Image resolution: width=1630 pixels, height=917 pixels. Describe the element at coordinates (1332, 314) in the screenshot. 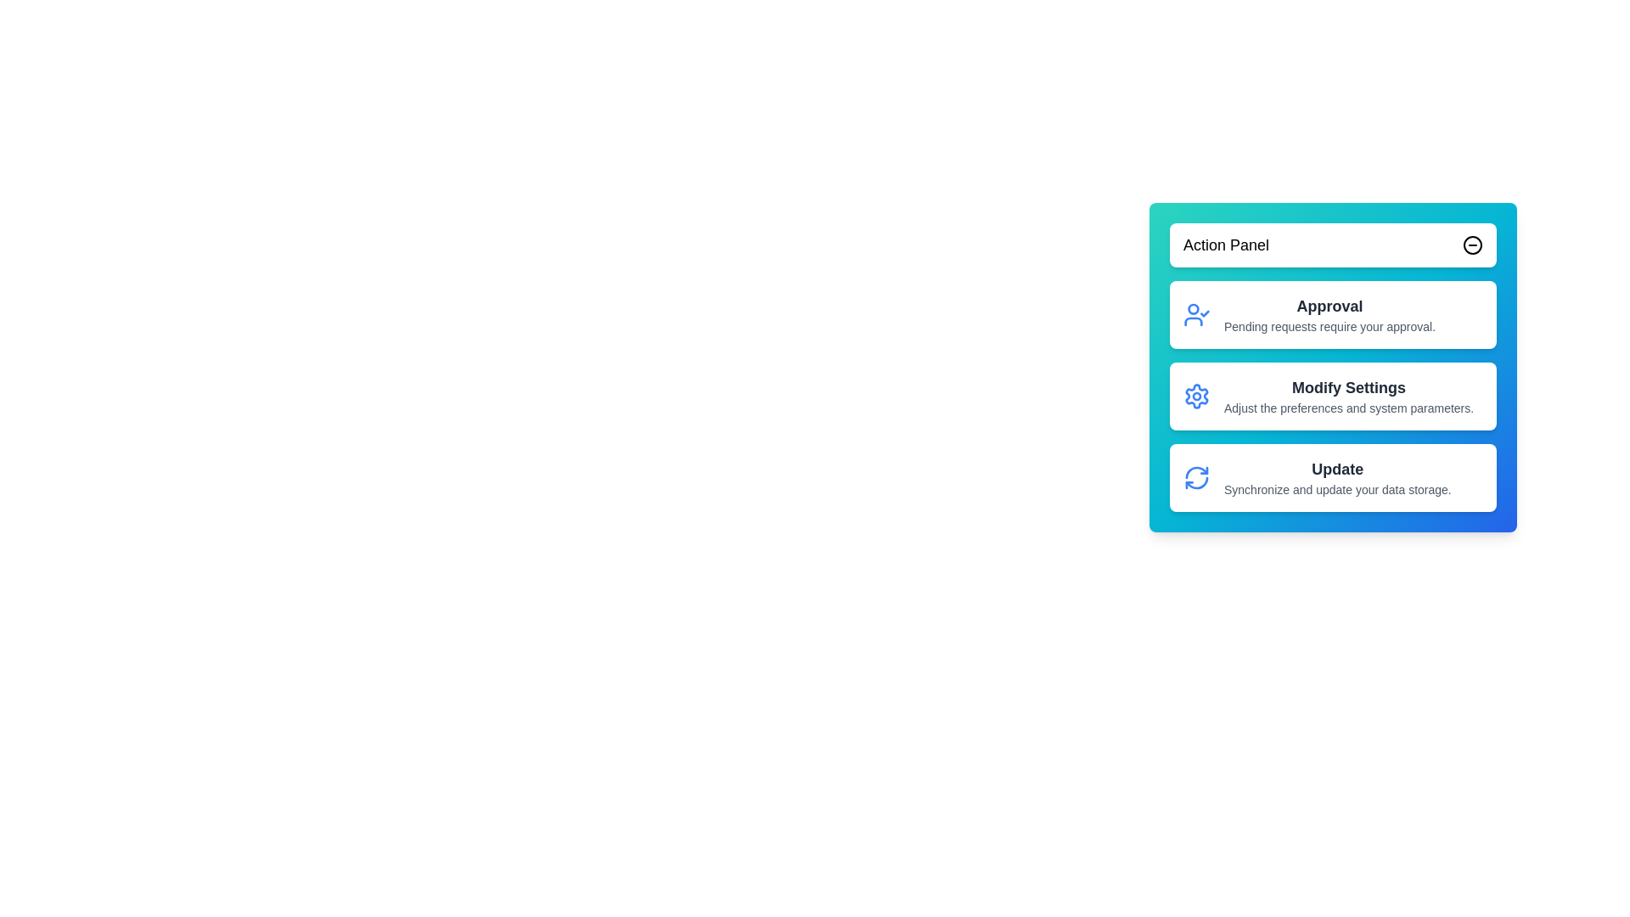

I see `the Approval to see its hover effect` at that location.